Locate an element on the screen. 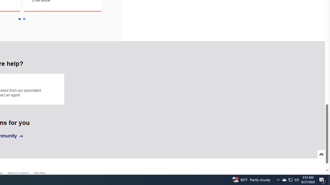 The height and width of the screenshot is (185, 330). 'Slide 1 selected' is located at coordinates (19, 19).